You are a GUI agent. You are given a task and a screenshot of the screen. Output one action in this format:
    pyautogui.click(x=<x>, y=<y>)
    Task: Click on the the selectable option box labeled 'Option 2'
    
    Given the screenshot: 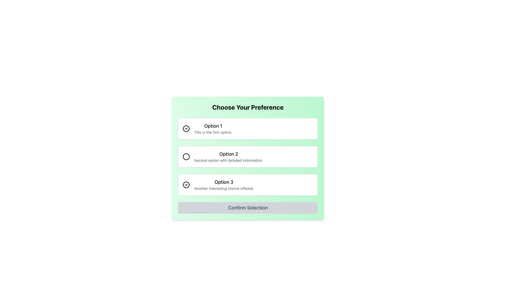 What is the action you would take?
    pyautogui.click(x=247, y=156)
    